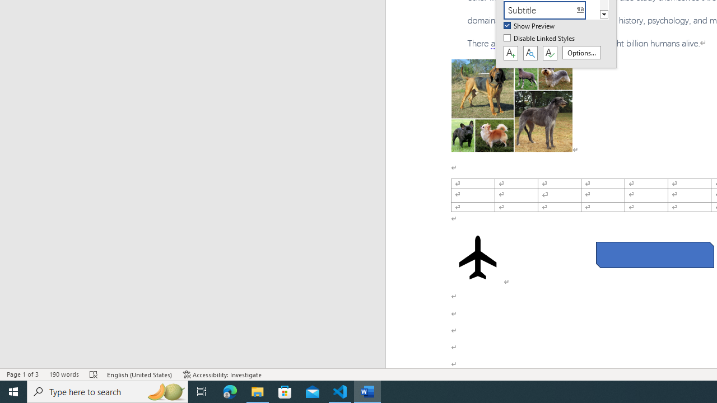 The width and height of the screenshot is (717, 403). I want to click on 'Page Number Page 1 of 3', so click(22, 374).